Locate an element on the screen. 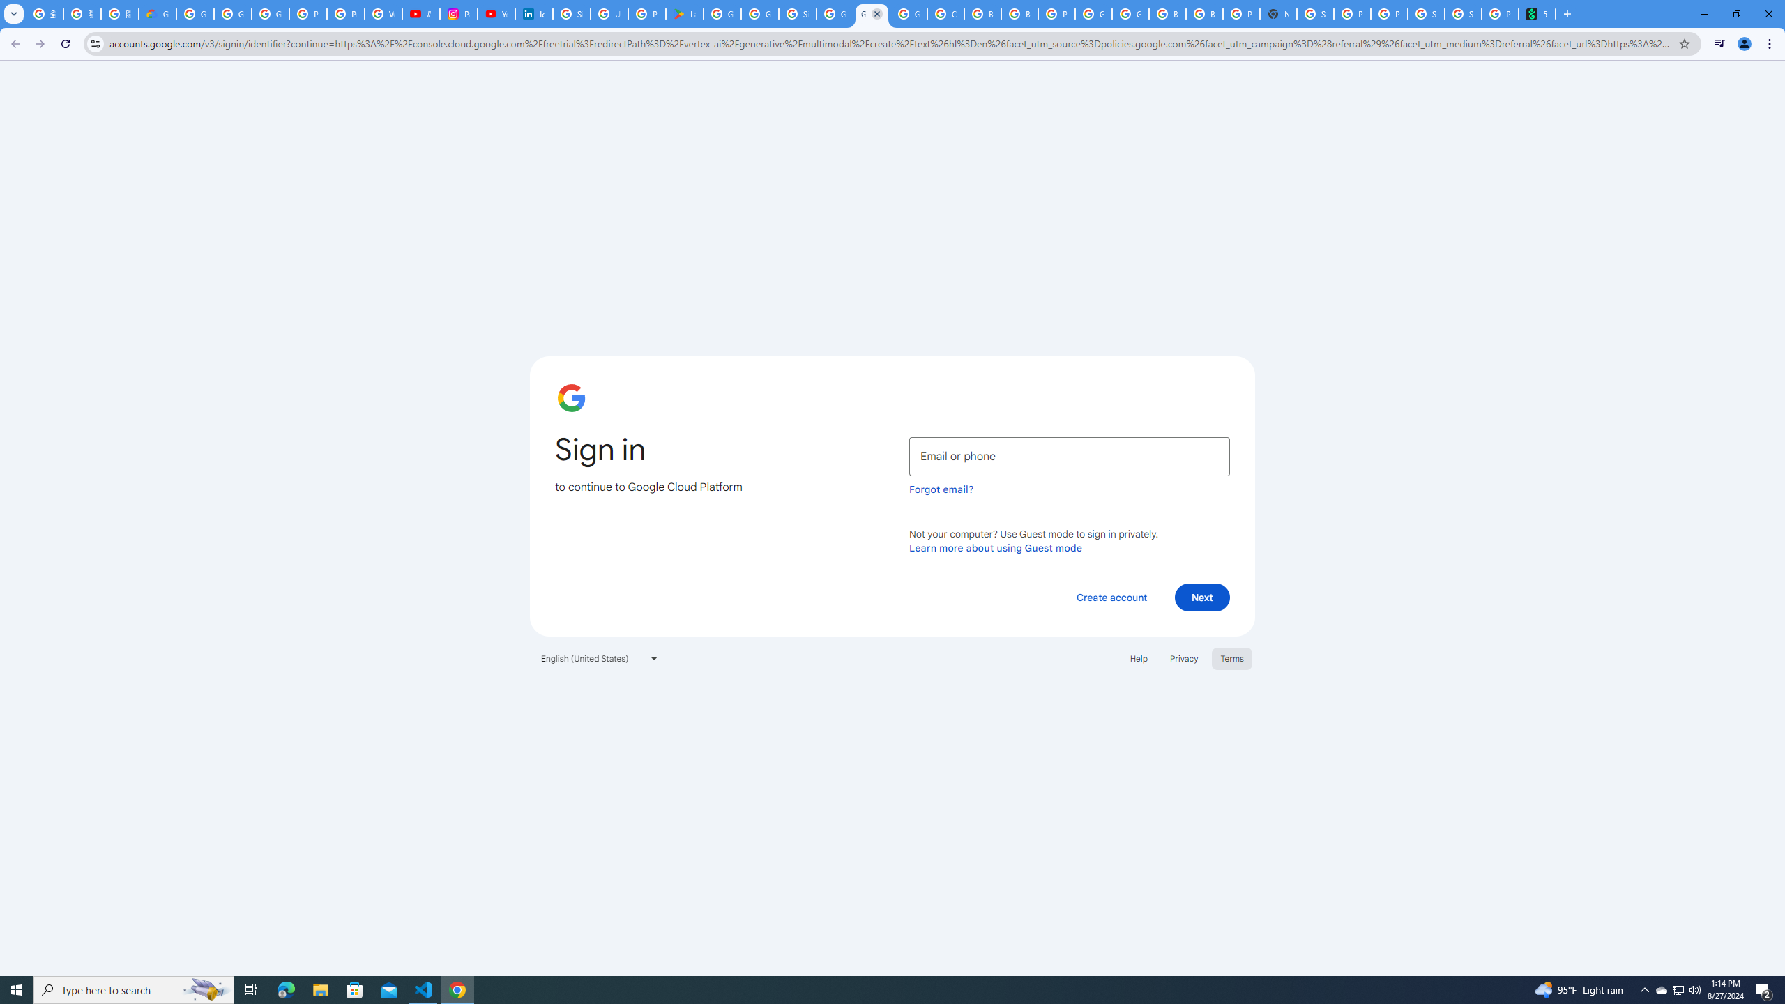  'Help' is located at coordinates (1138, 657).